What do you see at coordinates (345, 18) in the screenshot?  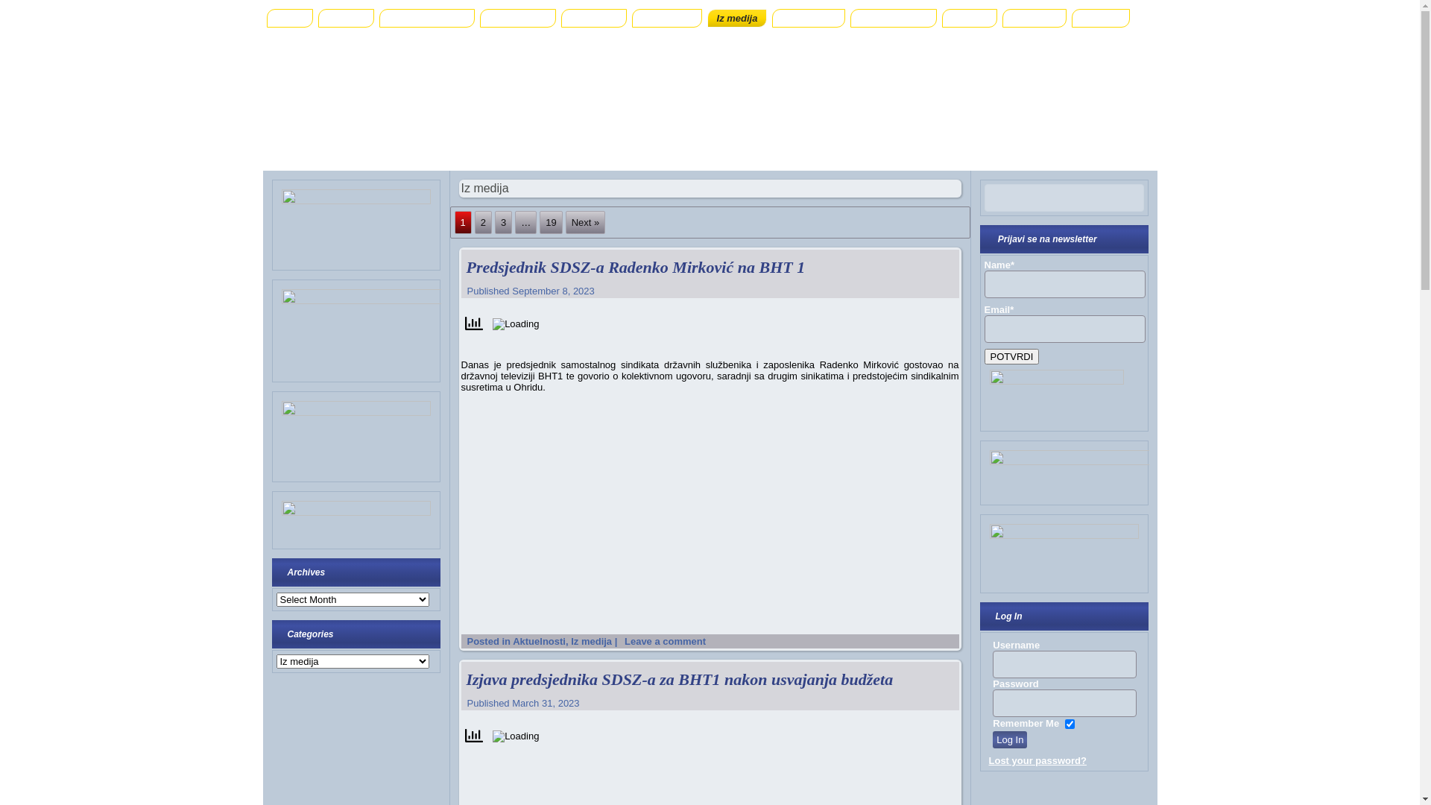 I see `'O Nama'` at bounding box center [345, 18].